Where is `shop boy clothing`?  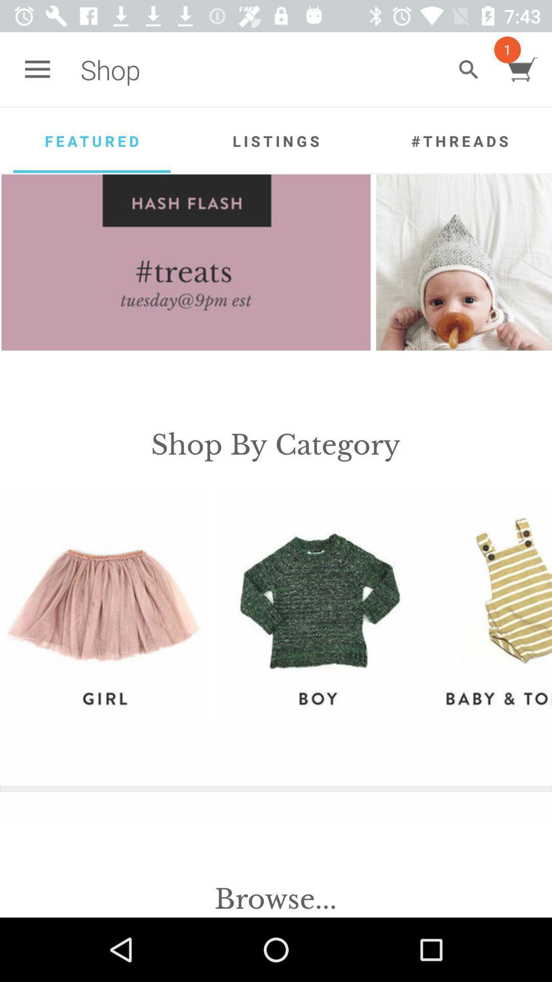
shop boy clothing is located at coordinates (316, 607).